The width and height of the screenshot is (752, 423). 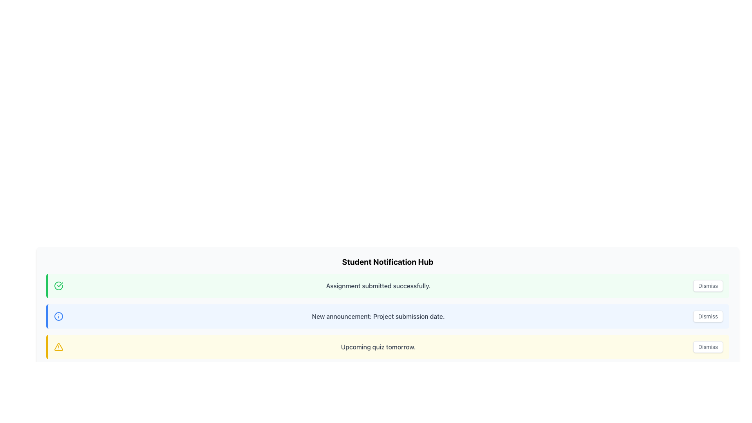 I want to click on the Text Label that serves as a heading for the notification hub, located at the top of the notification card layout, so click(x=387, y=262).